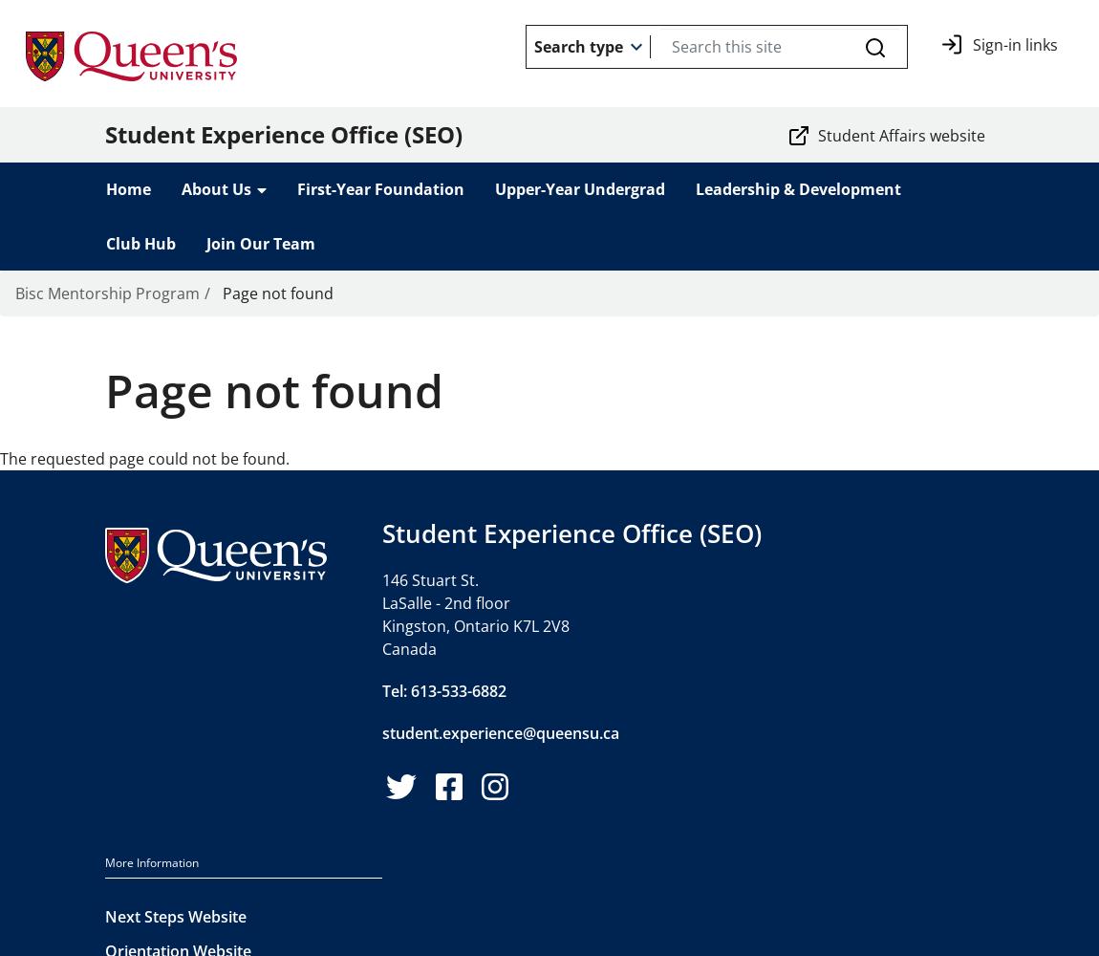  Describe the element at coordinates (381, 732) in the screenshot. I see `'student.experience@queensu.ca'` at that location.